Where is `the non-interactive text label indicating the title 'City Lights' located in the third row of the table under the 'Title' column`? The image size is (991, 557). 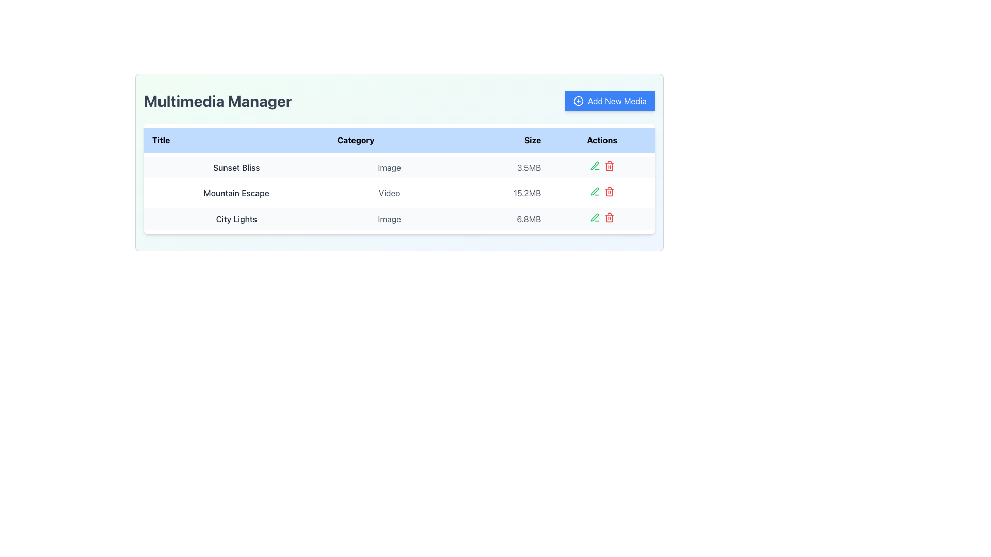
the non-interactive text label indicating the title 'City Lights' located in the third row of the table under the 'Title' column is located at coordinates (236, 218).